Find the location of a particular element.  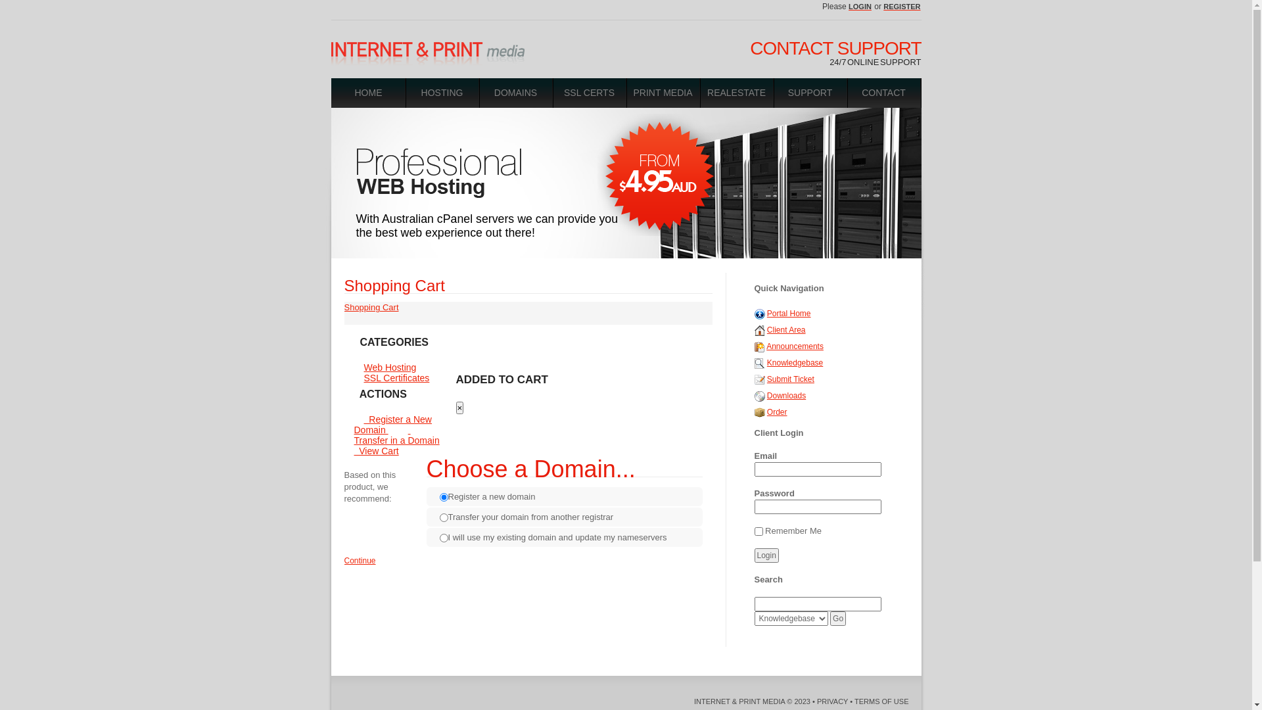

'Portal Home' is located at coordinates (789, 314).